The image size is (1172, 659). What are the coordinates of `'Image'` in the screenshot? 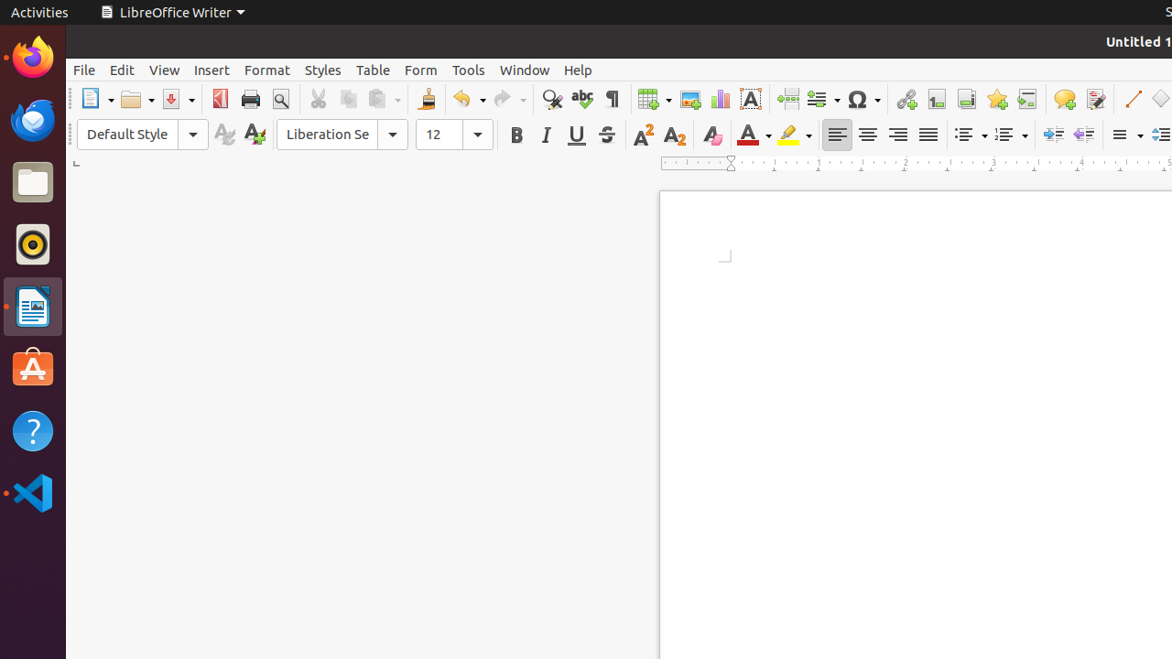 It's located at (689, 99).